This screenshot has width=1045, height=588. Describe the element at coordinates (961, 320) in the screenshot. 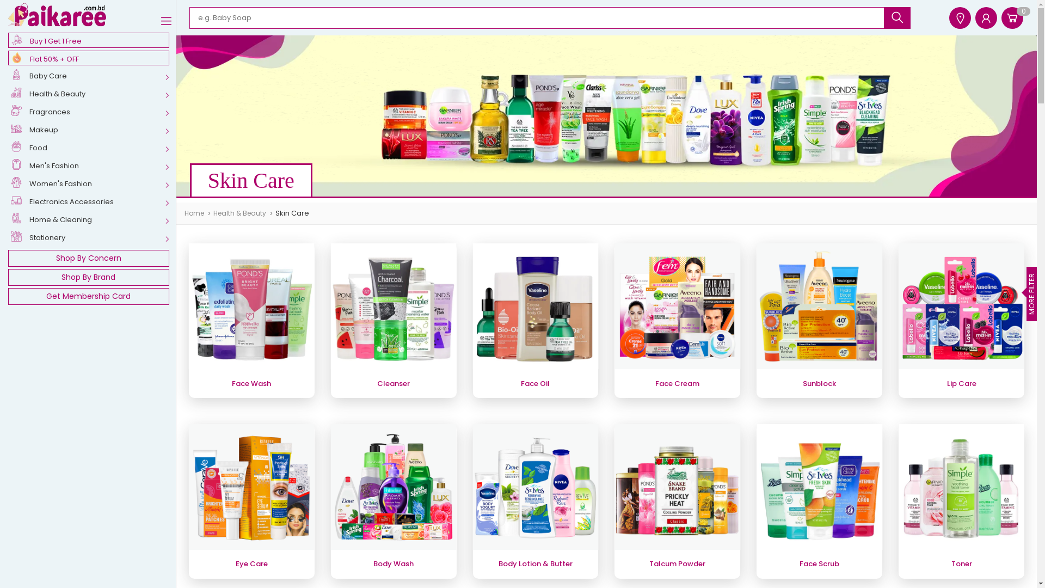

I see `'Lip Care'` at that location.